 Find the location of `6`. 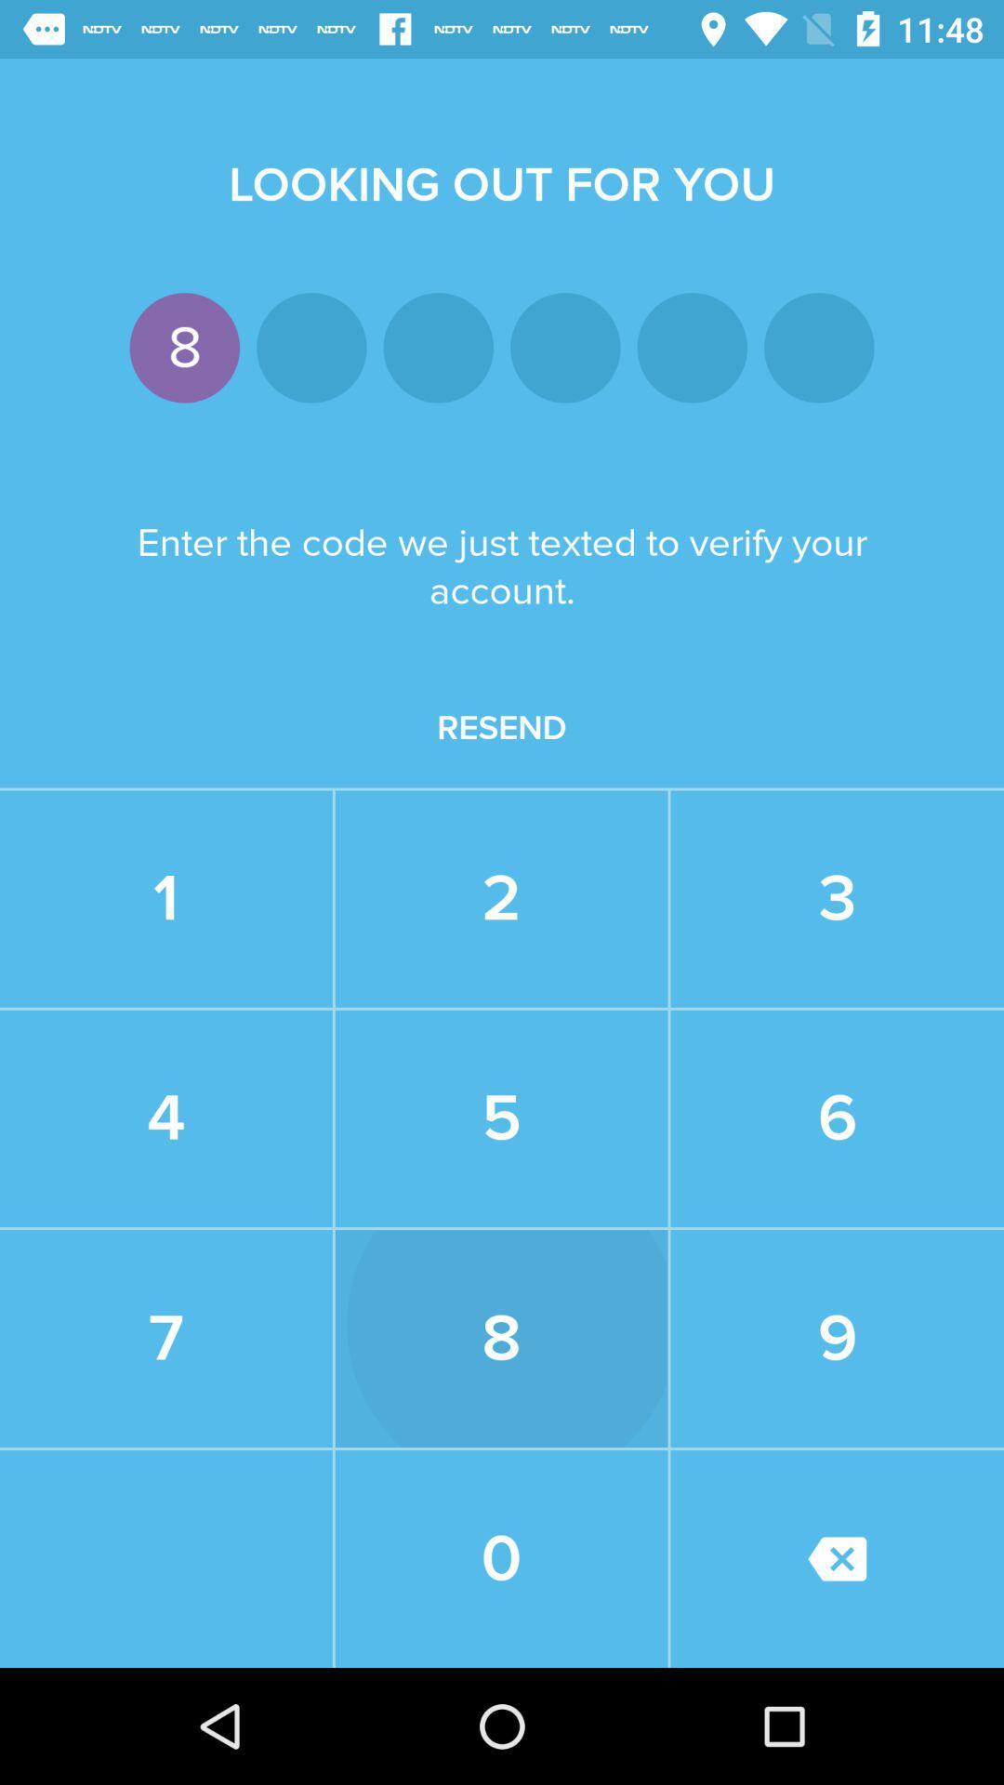

6 is located at coordinates (838, 1117).